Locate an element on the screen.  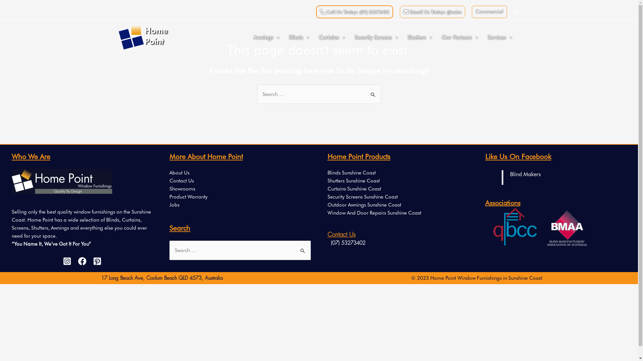
'Blinds' is located at coordinates (300, 37).